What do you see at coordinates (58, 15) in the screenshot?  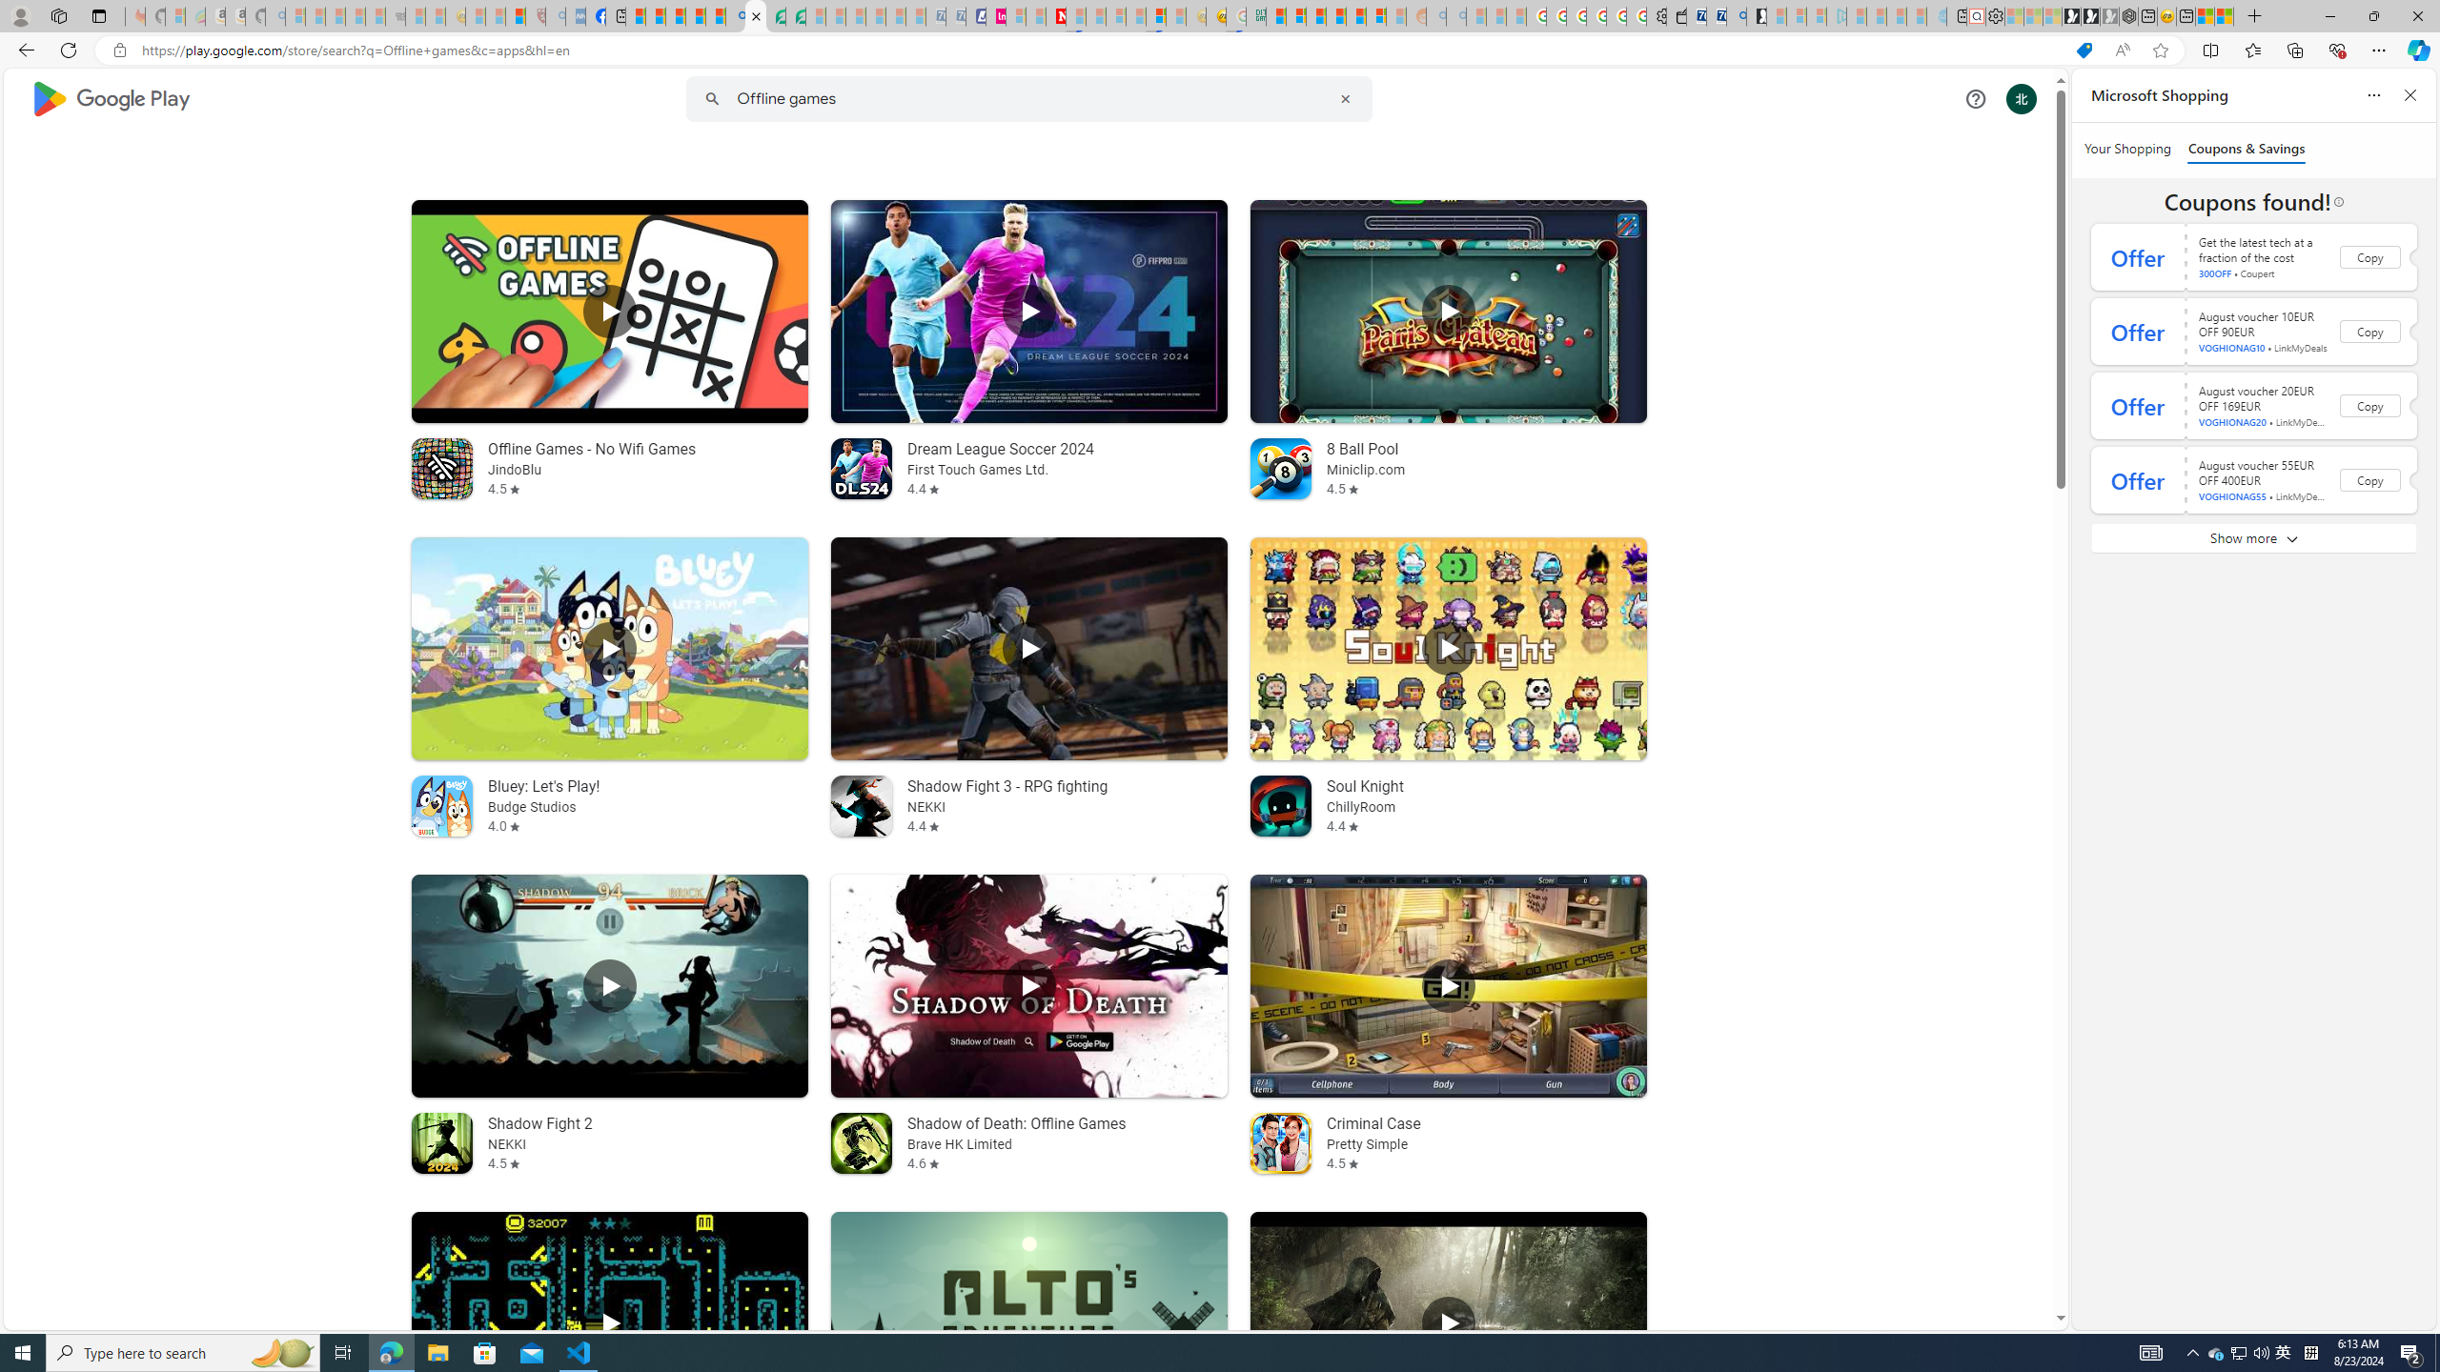 I see `'Workspaces'` at bounding box center [58, 15].